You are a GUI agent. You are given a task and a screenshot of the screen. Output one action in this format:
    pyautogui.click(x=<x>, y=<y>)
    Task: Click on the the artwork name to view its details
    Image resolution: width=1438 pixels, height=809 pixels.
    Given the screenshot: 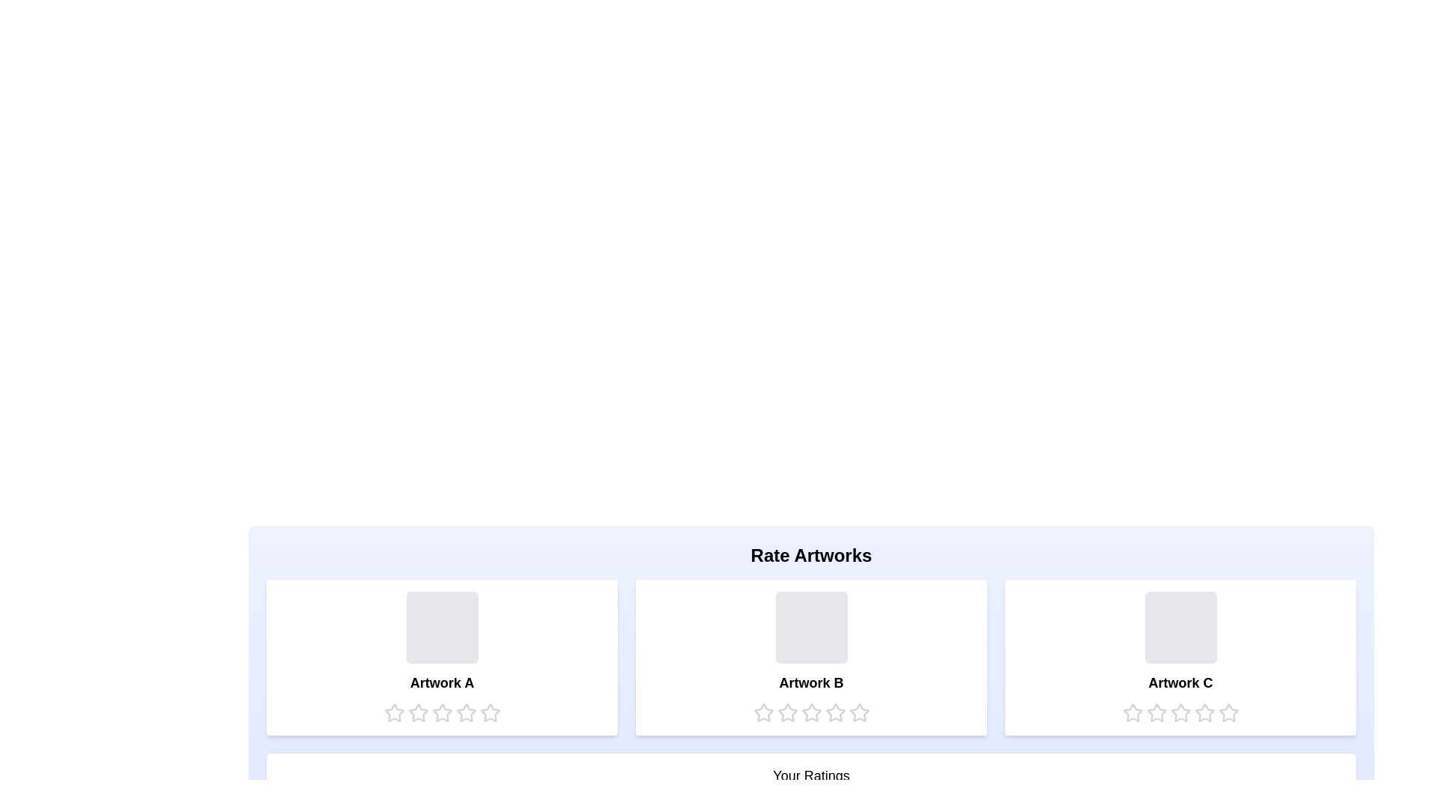 What is the action you would take?
    pyautogui.click(x=441, y=682)
    